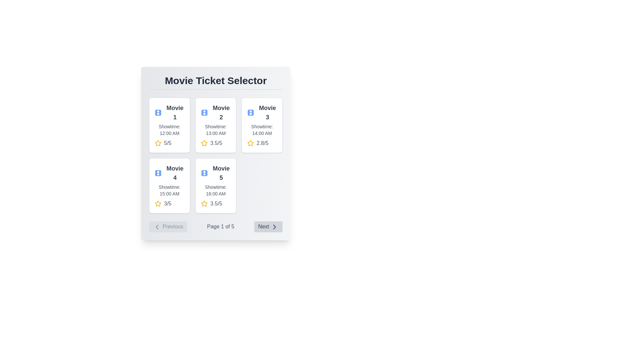 The width and height of the screenshot is (639, 359). I want to click on the light blue rounded rectangle icon, which is the primary visual feature of the film reel icon located at the top-left corner of the 'Movie 1' card in the 'Movie Ticket Selector' panel, so click(204, 112).